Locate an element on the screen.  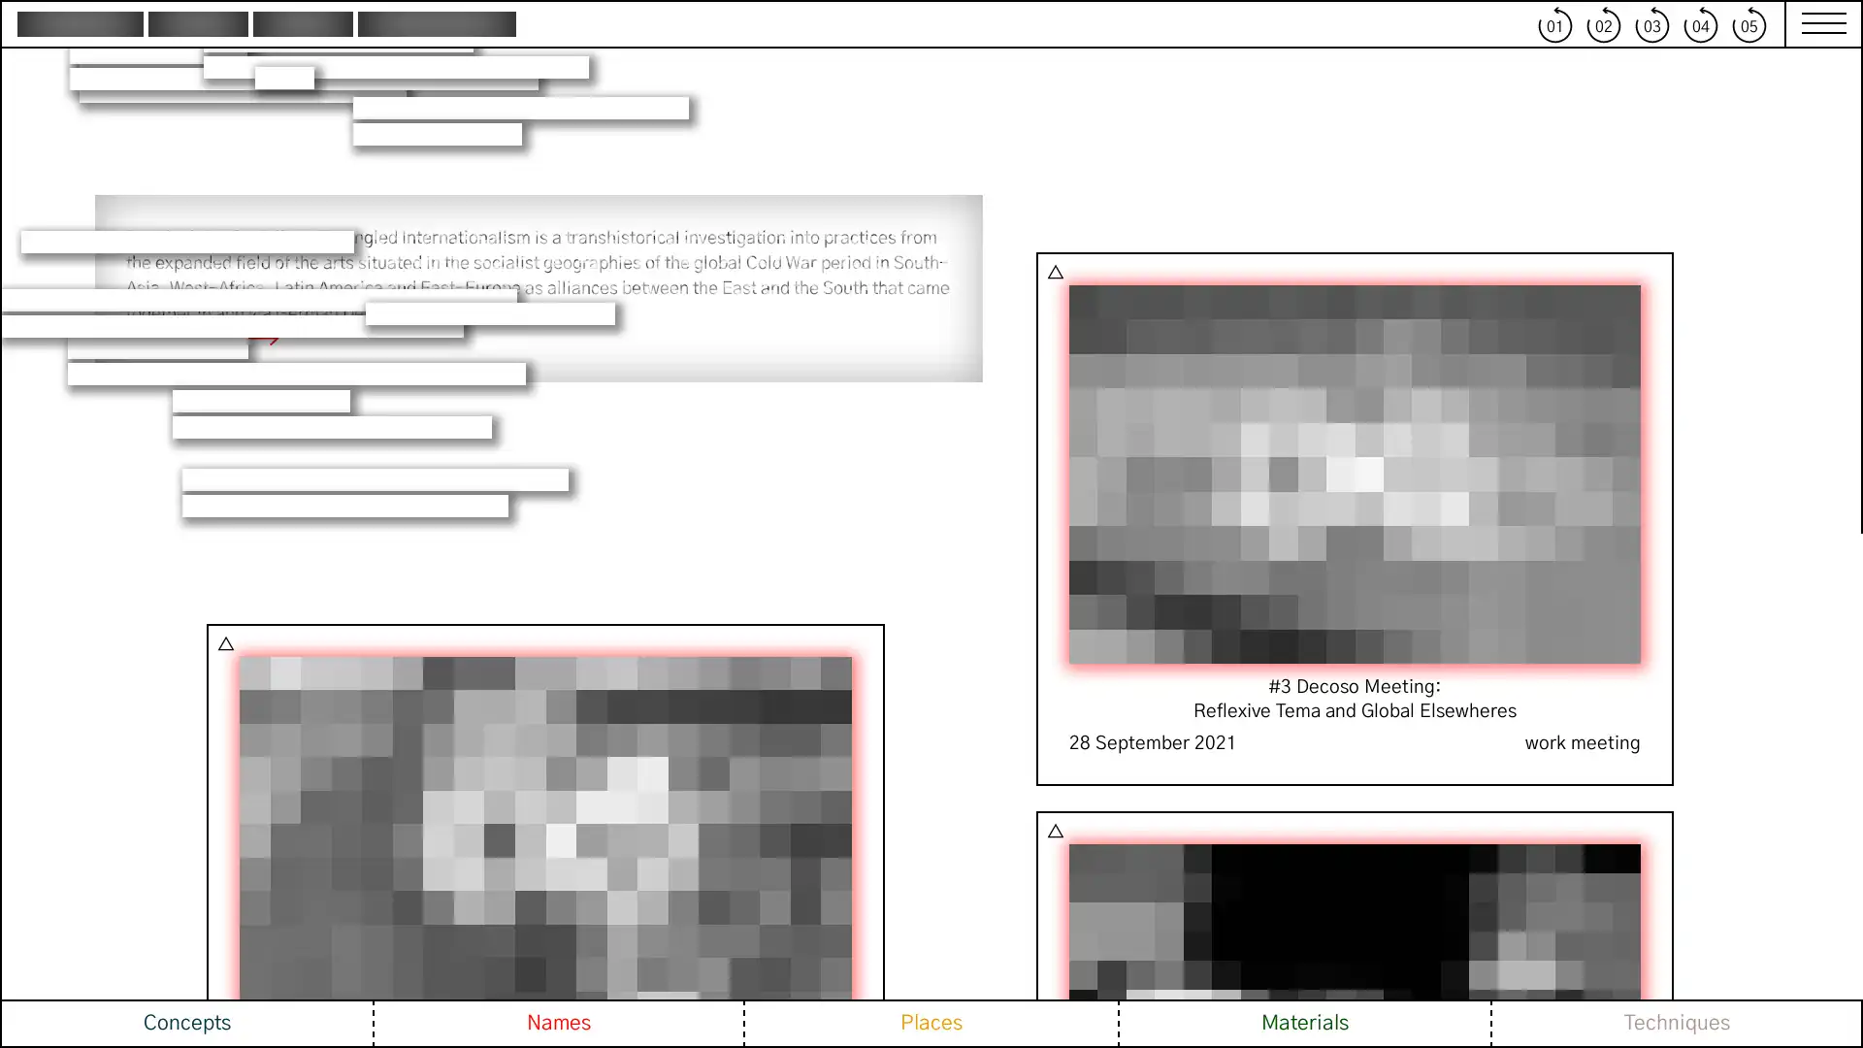
Menu is located at coordinates (1814, 23).